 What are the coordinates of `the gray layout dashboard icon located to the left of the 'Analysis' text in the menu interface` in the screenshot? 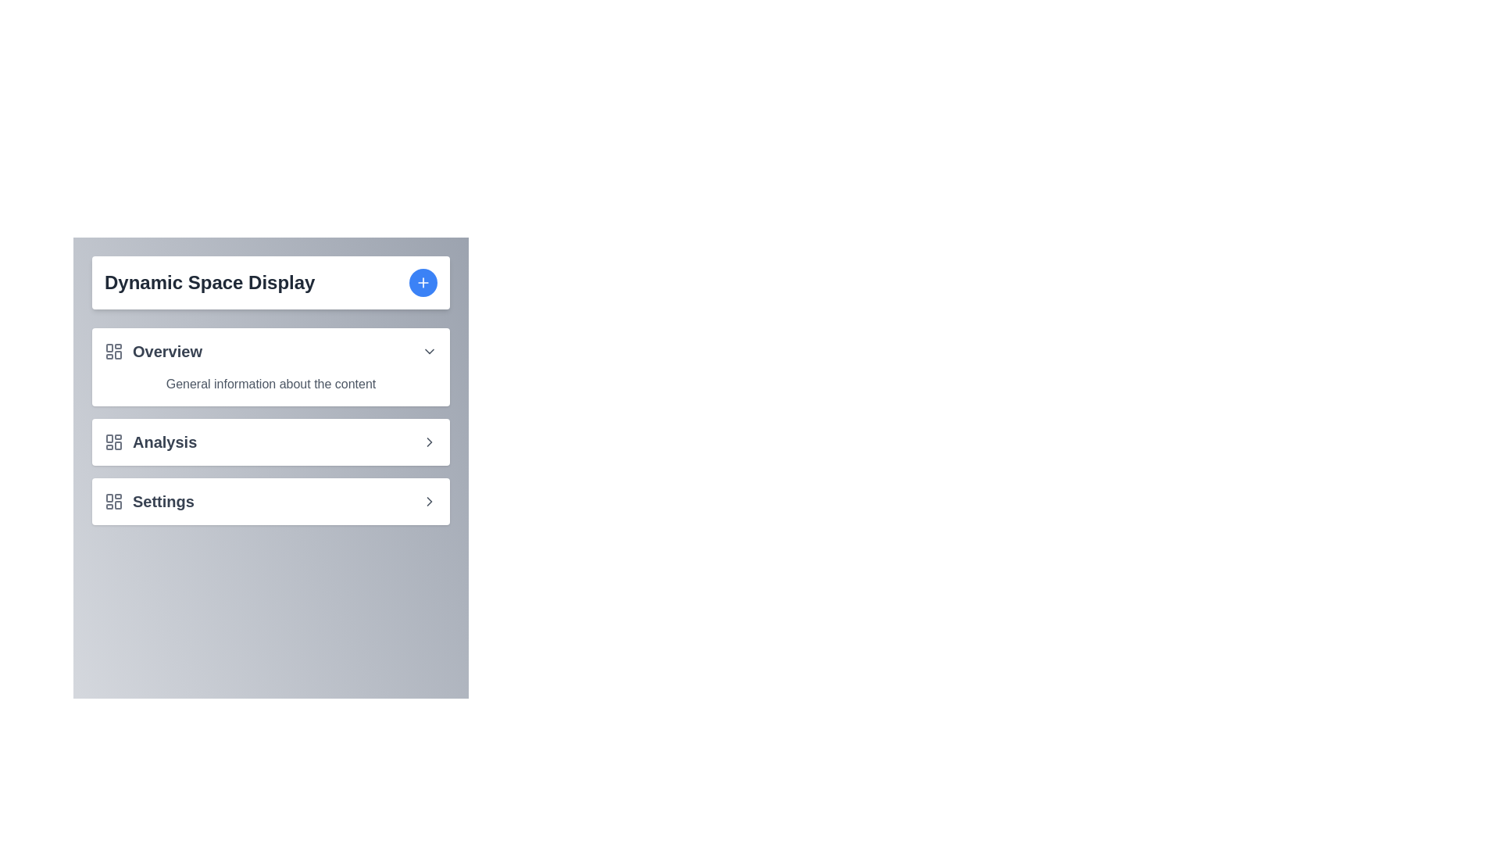 It's located at (112, 442).